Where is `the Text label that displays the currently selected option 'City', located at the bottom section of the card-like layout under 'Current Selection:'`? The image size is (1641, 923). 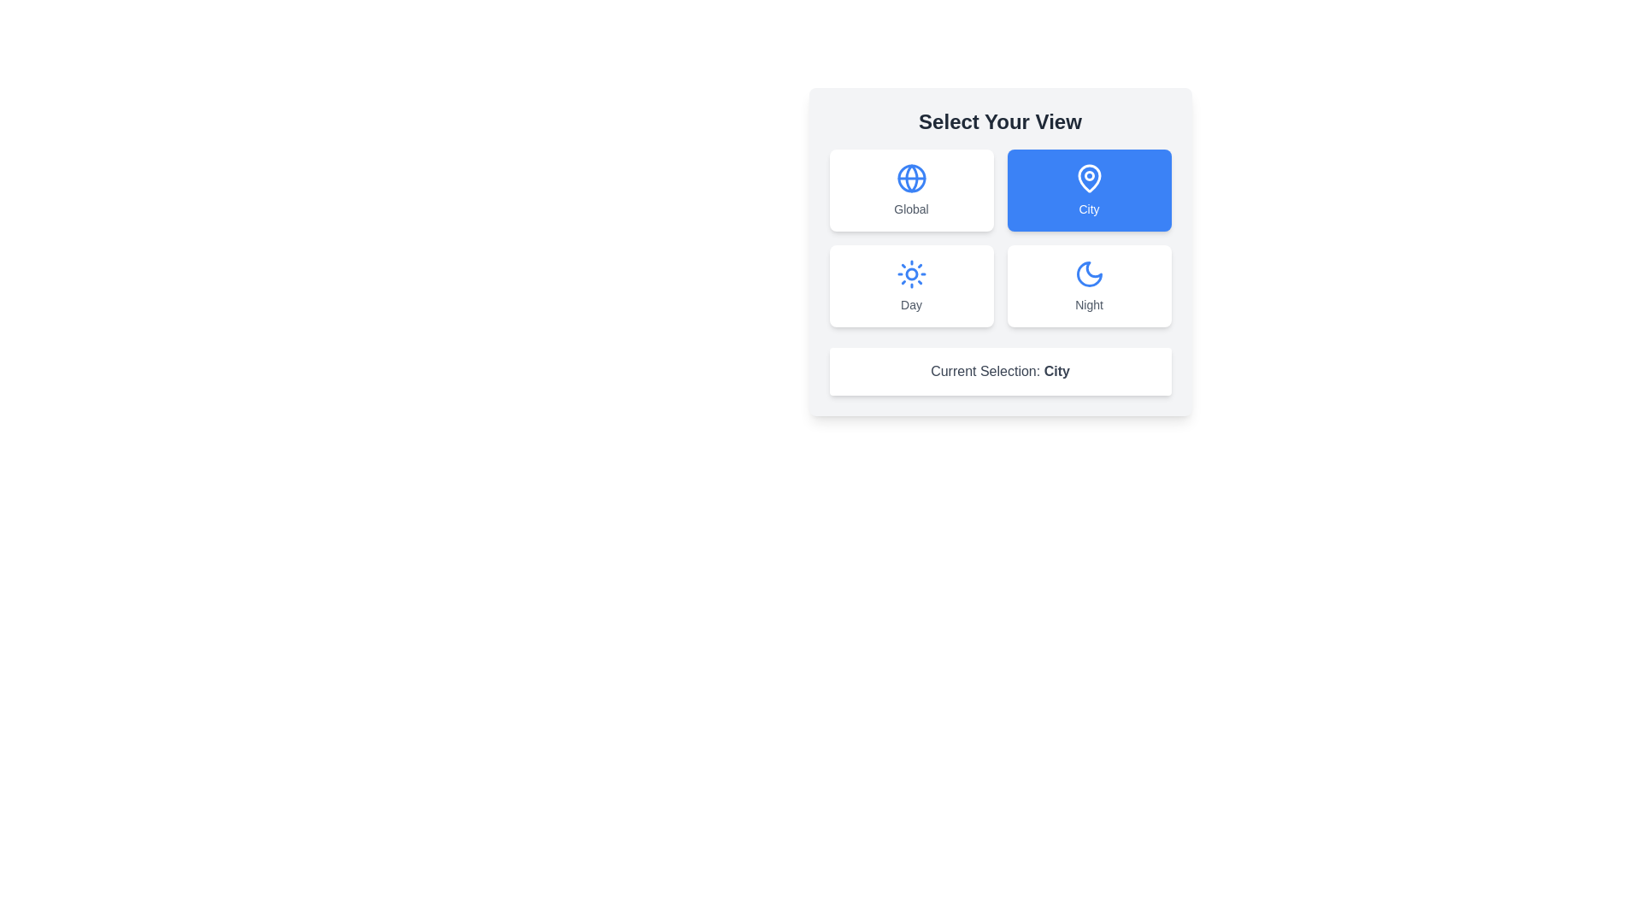
the Text label that displays the currently selected option 'City', located at the bottom section of the card-like layout under 'Current Selection:' is located at coordinates (1056, 370).